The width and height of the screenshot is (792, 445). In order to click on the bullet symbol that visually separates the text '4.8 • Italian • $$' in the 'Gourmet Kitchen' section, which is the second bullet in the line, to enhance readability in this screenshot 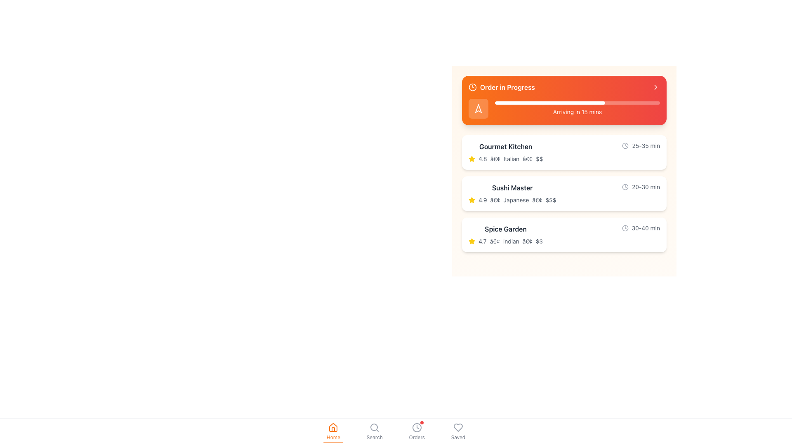, I will do `click(527, 159)`.